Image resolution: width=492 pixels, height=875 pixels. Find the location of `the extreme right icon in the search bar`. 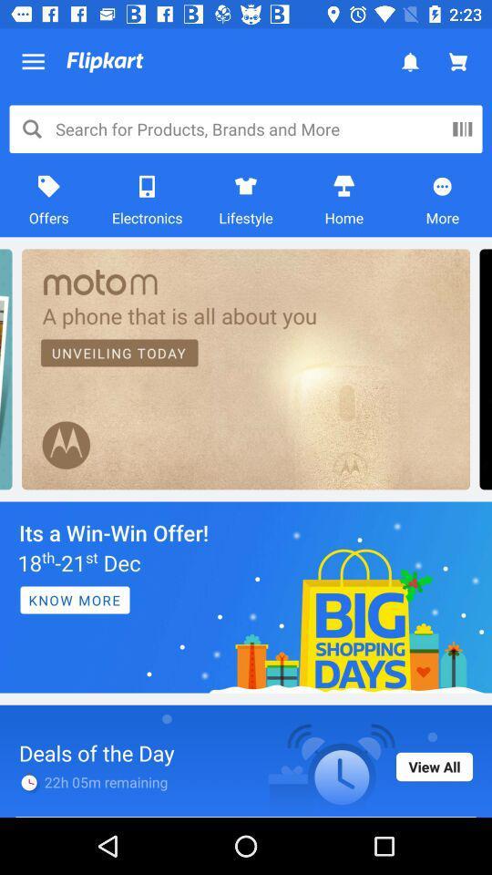

the extreme right icon in the search bar is located at coordinates (462, 128).